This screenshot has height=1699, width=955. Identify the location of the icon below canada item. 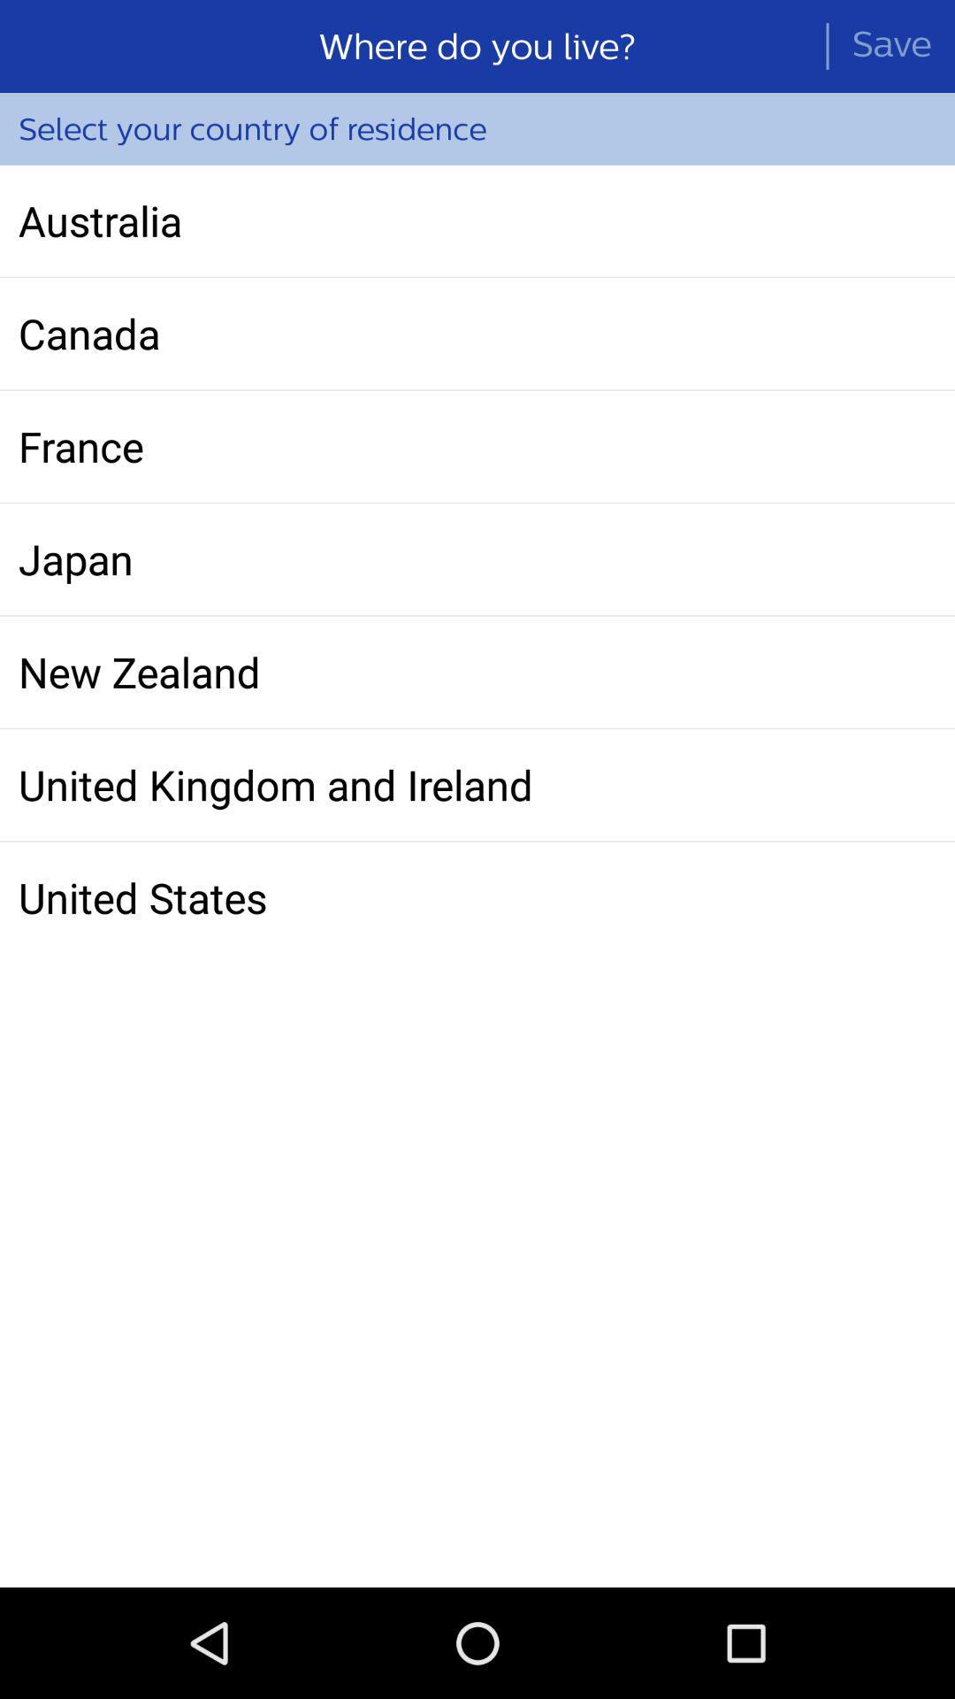
(477, 446).